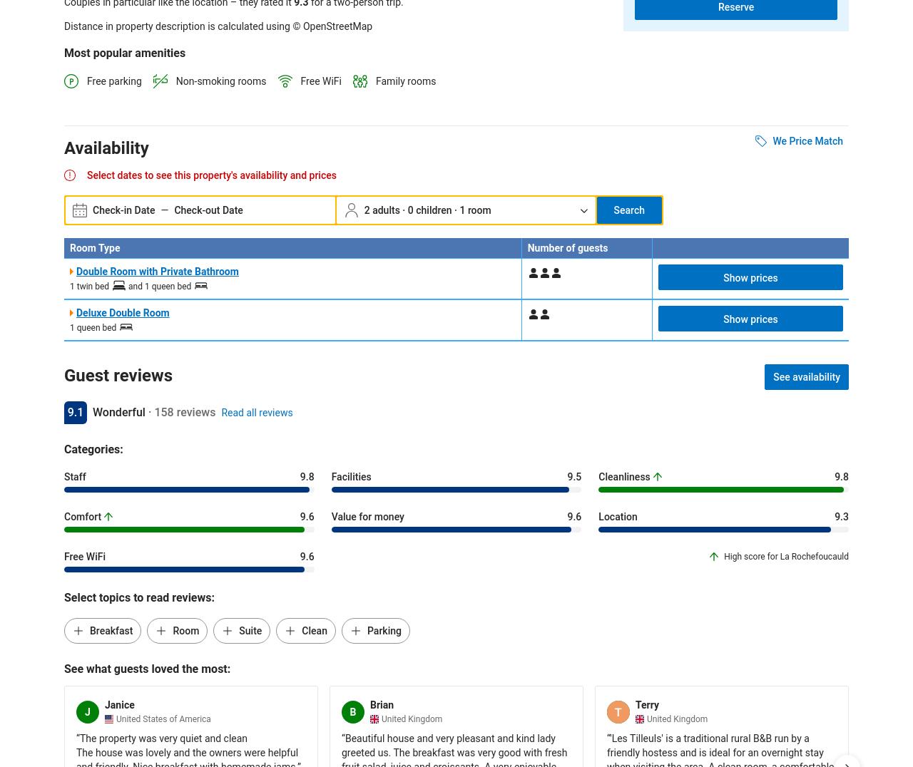 This screenshot has width=913, height=767. Describe the element at coordinates (628, 210) in the screenshot. I see `'Search'` at that location.